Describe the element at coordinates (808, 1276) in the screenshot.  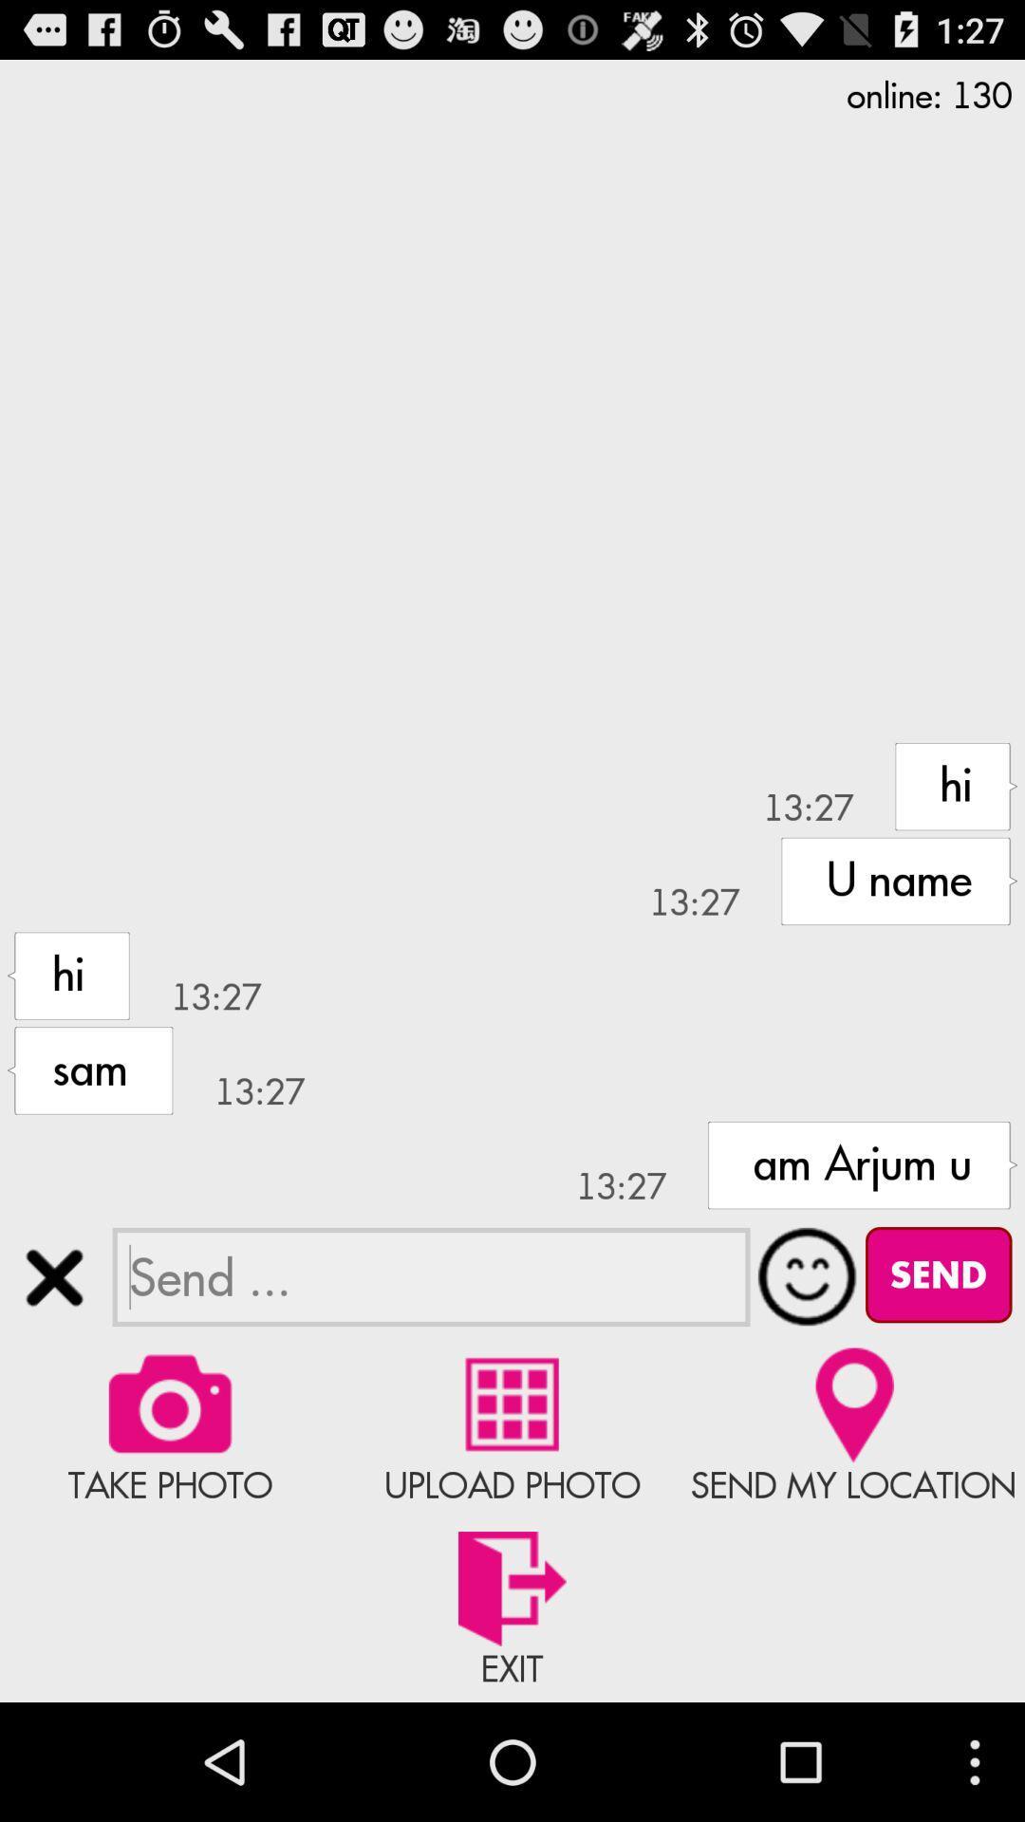
I see `smileys switch option` at that location.